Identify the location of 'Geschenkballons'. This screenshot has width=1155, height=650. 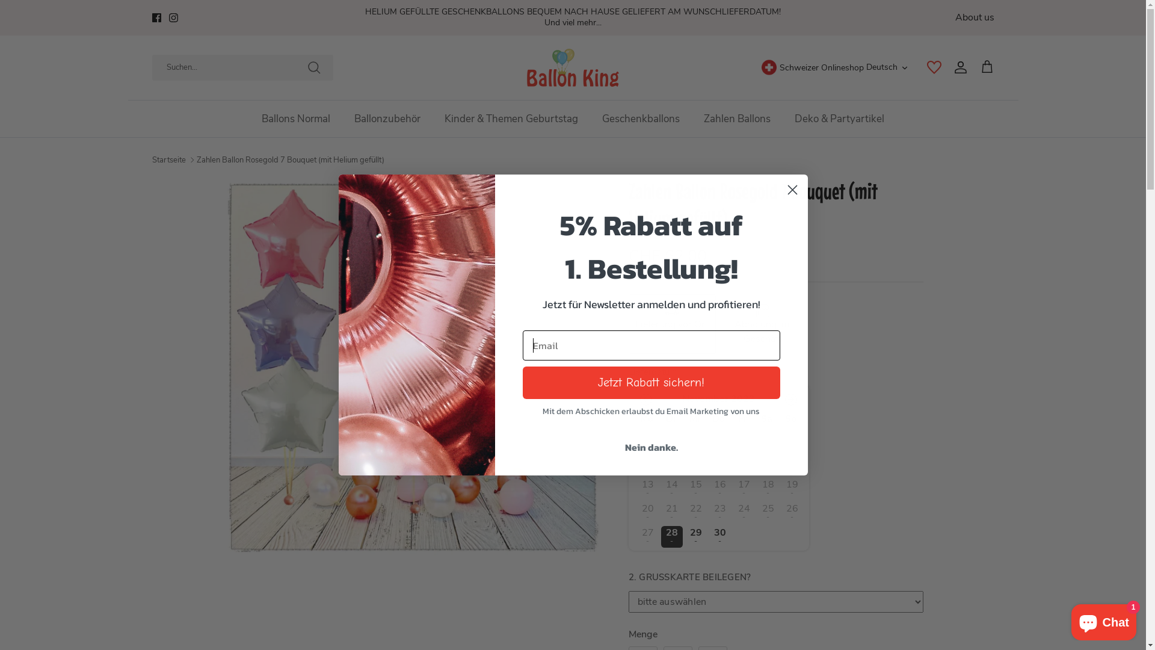
(640, 119).